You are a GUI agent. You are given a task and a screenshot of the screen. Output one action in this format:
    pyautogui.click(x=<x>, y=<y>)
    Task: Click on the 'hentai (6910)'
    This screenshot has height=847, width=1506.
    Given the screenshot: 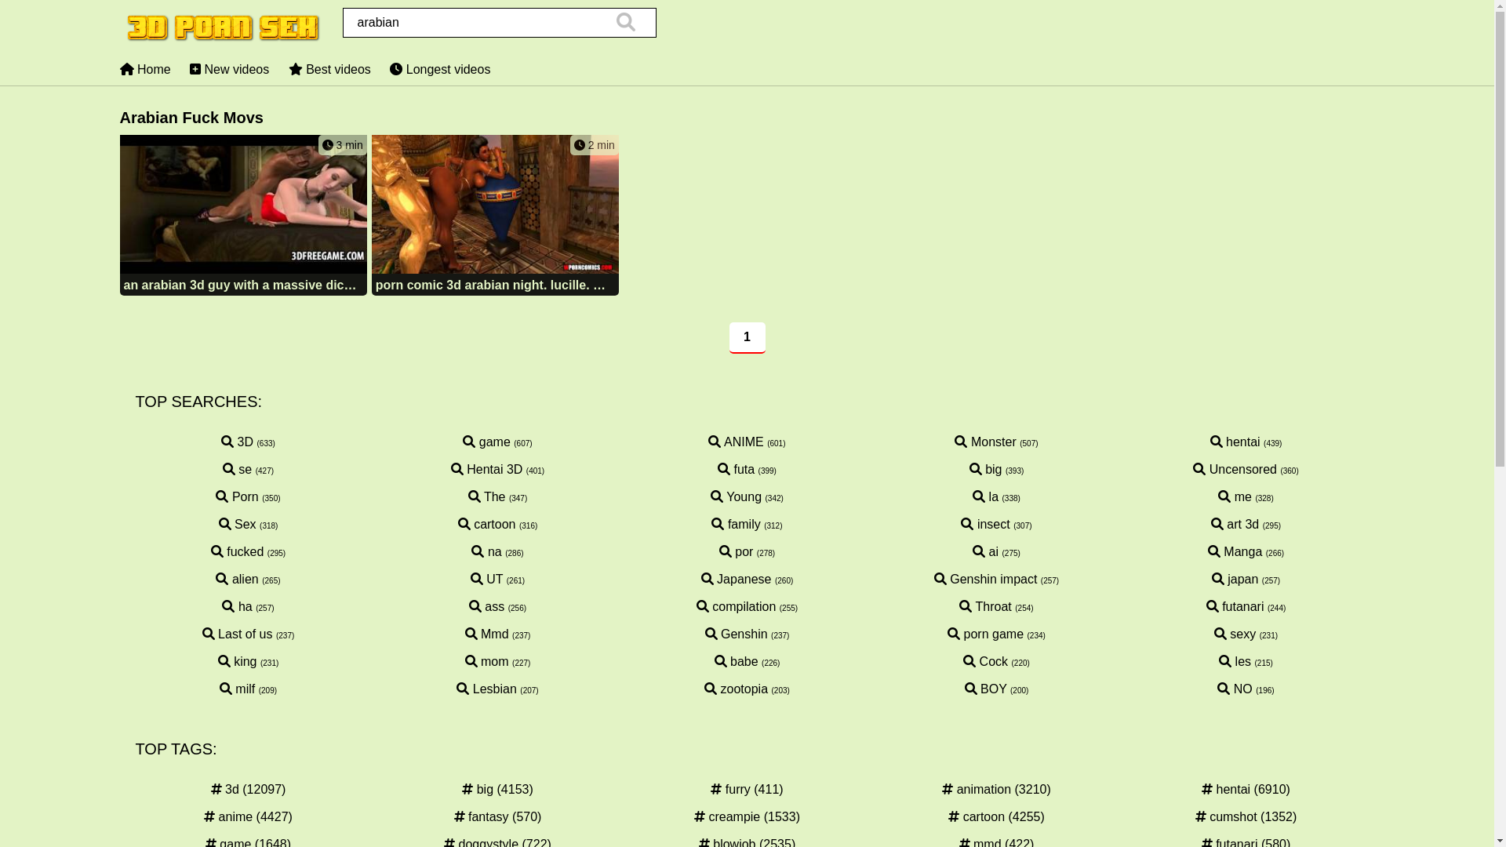 What is the action you would take?
    pyautogui.click(x=1245, y=789)
    